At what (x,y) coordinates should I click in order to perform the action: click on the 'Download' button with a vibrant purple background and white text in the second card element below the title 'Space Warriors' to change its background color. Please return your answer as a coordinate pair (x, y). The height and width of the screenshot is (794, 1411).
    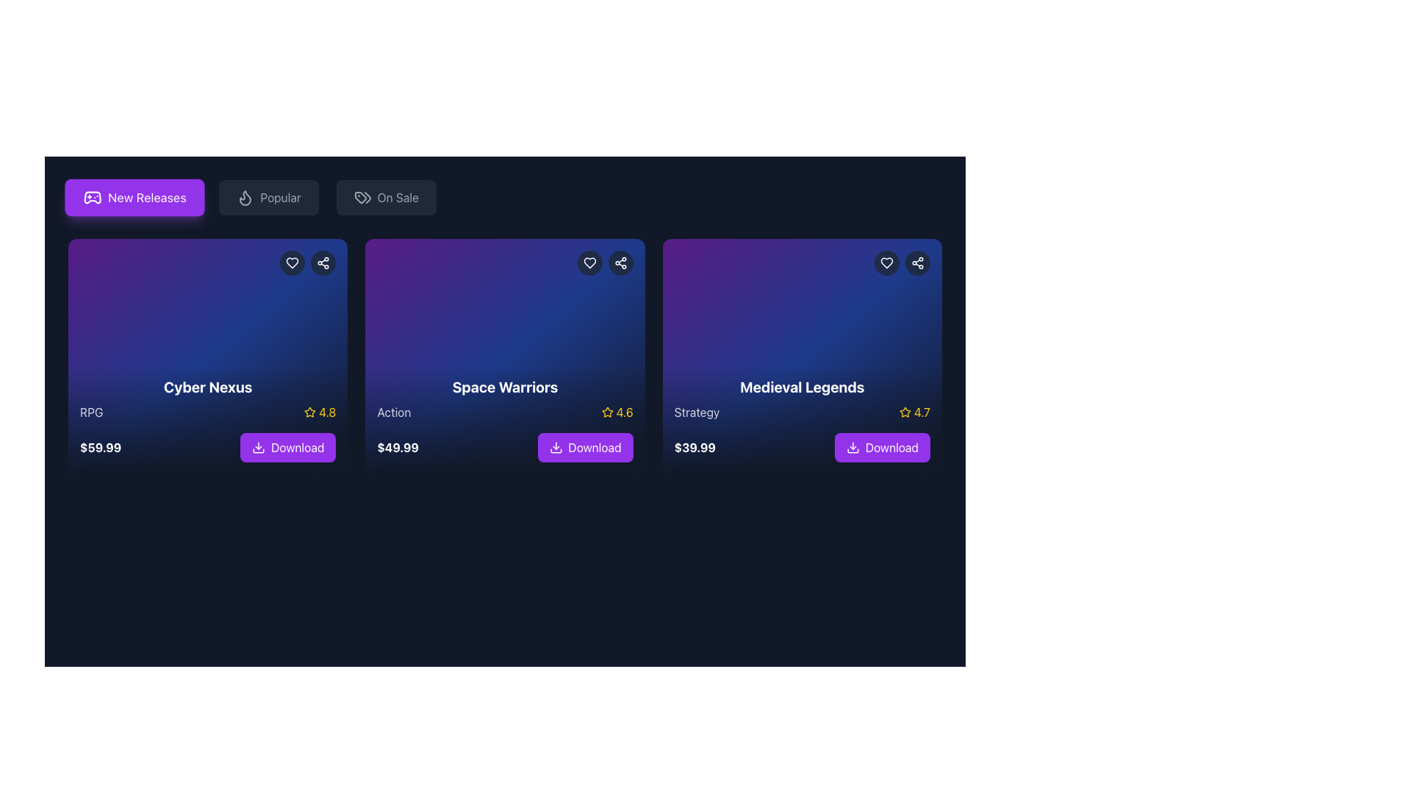
    Looking at the image, I should click on (584, 447).